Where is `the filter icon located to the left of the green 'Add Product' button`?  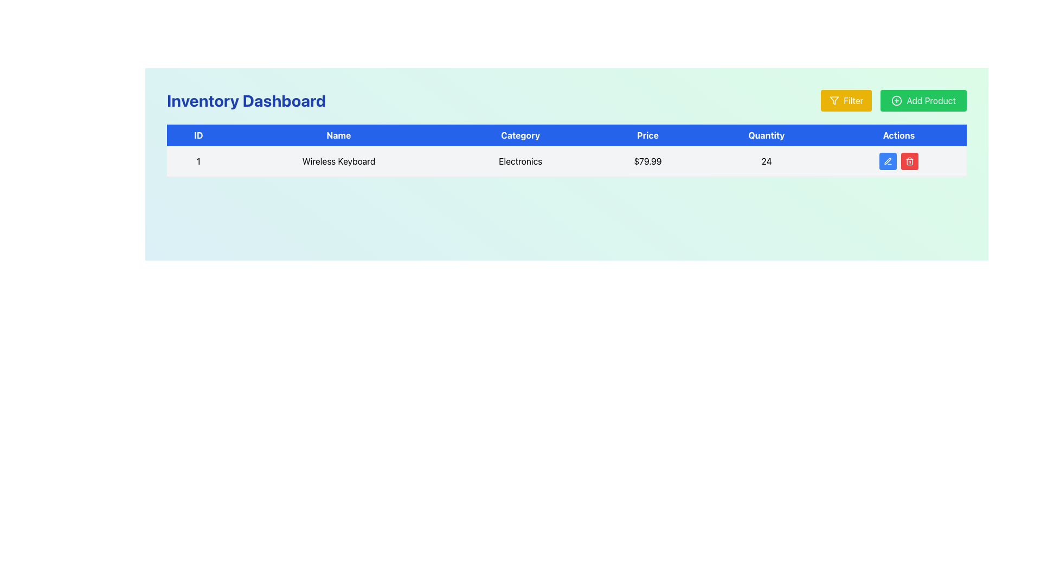 the filter icon located to the left of the green 'Add Product' button is located at coordinates (834, 100).